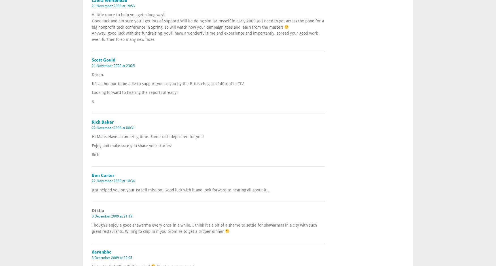 This screenshot has width=496, height=266. I want to click on '21 November 2009 at 23:25', so click(113, 66).